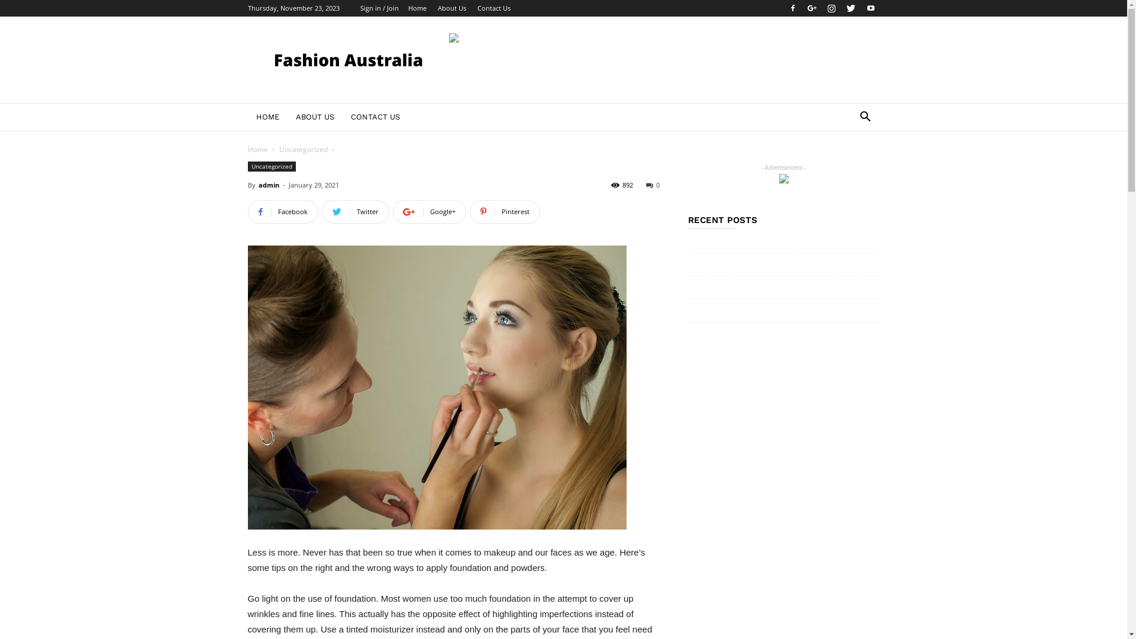 The height and width of the screenshot is (639, 1136). What do you see at coordinates (392, 211) in the screenshot?
I see `'Google+'` at bounding box center [392, 211].